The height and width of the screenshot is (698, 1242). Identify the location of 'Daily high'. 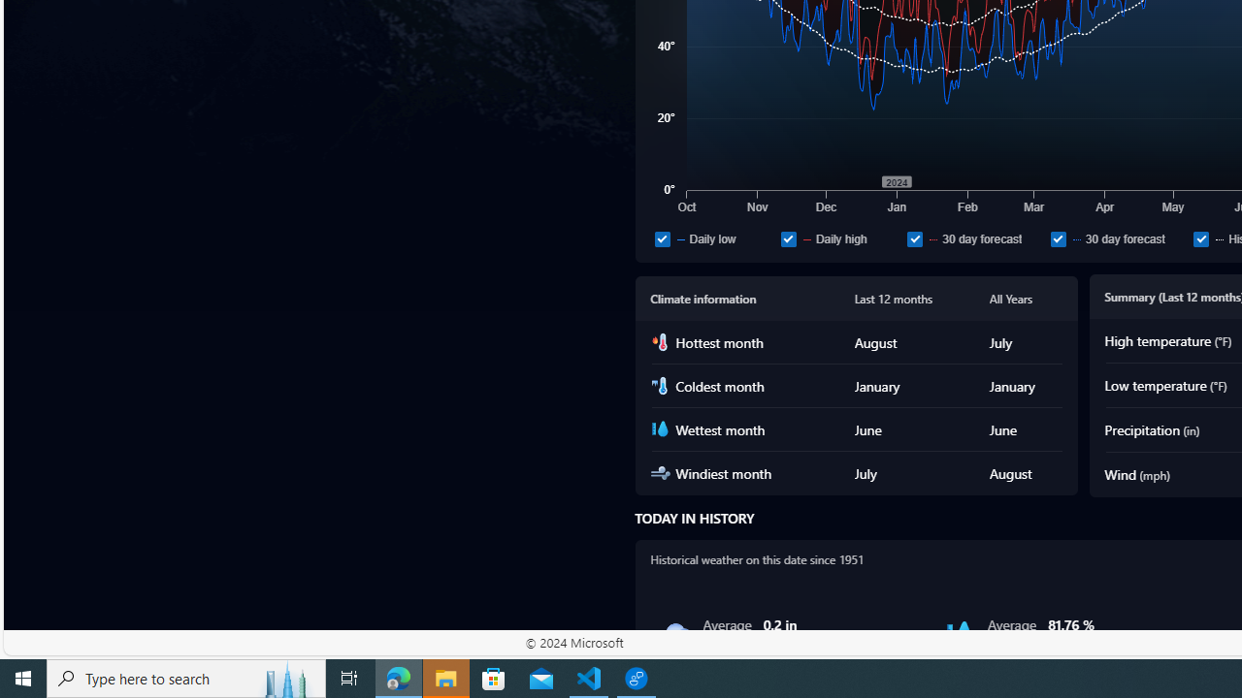
(839, 238).